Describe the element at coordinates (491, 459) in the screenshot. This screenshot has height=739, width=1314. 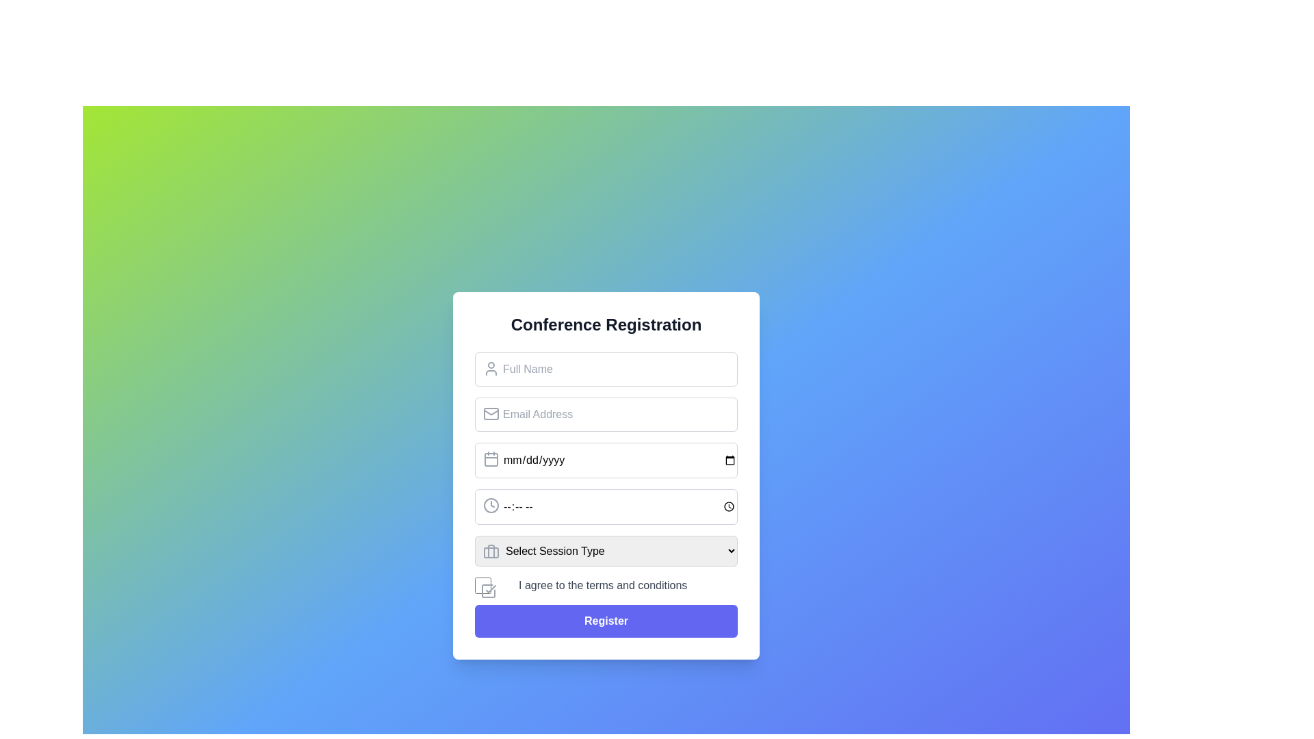
I see `the calendar icon adjacent to the date input field labeled 'mm/dd/yyyy' in the registration form` at that location.